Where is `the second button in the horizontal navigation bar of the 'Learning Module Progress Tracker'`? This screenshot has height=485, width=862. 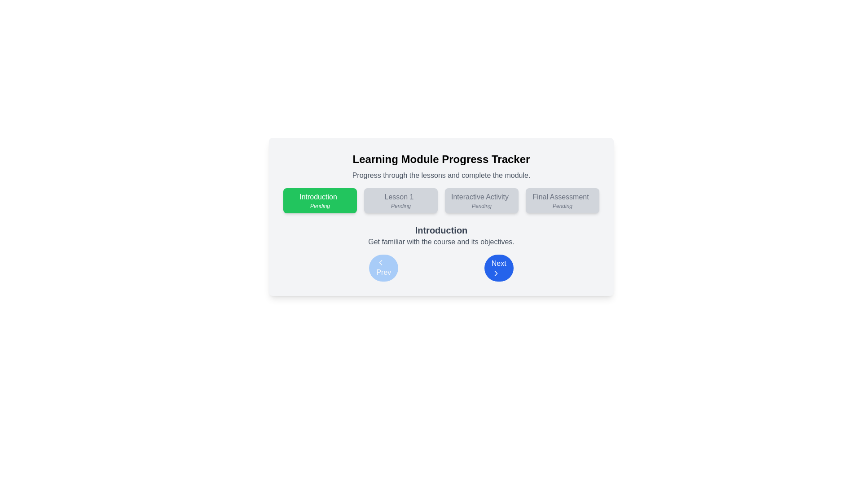 the second button in the horizontal navigation bar of the 'Learning Module Progress Tracker' is located at coordinates (498, 268).